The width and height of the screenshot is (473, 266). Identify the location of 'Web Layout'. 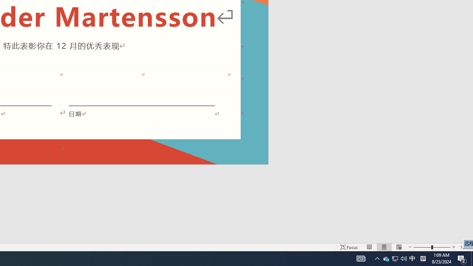
(398, 247).